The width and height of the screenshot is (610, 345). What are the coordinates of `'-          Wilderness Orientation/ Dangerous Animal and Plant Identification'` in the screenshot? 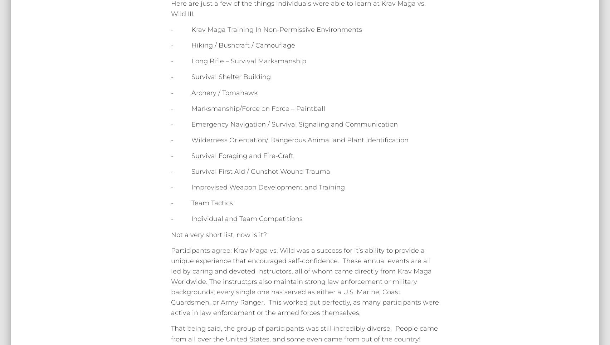 It's located at (289, 139).